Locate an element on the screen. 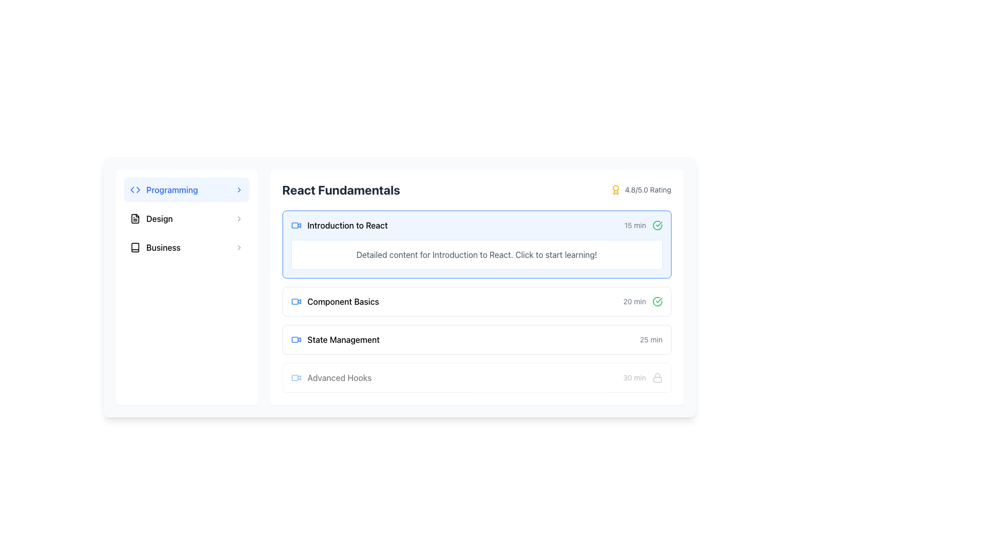  the text block that reads 'Detailed content for Introduction to React. Click to start learning!' which is styled with a light background and positioned below the title 'Introduction to React' is located at coordinates (476, 254).